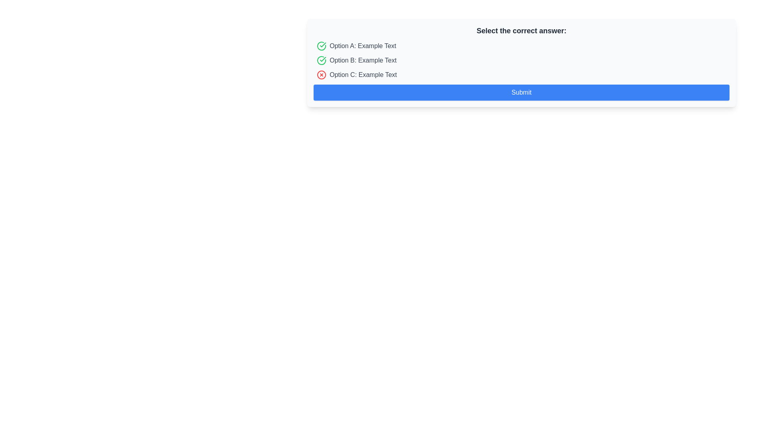 The width and height of the screenshot is (770, 433). Describe the element at coordinates (363, 60) in the screenshot. I see `the text label that reads 'Option B: Example Text', which is the second option in a vertical list of choices, located to the right of a green check icon` at that location.